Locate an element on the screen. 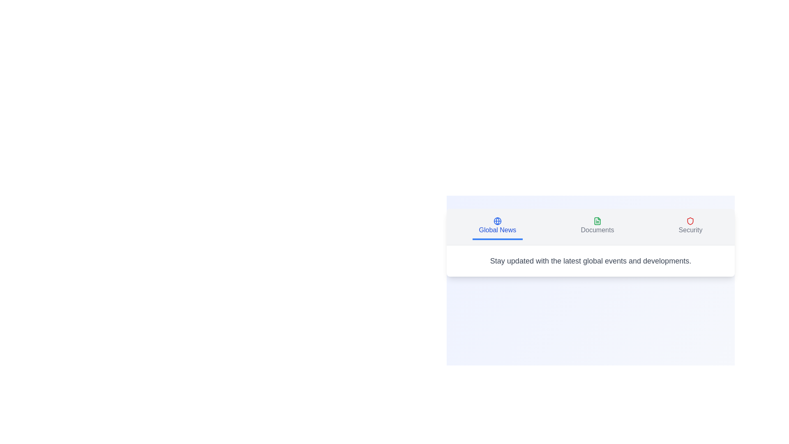 The image size is (789, 444). the Global News tab is located at coordinates (497, 227).